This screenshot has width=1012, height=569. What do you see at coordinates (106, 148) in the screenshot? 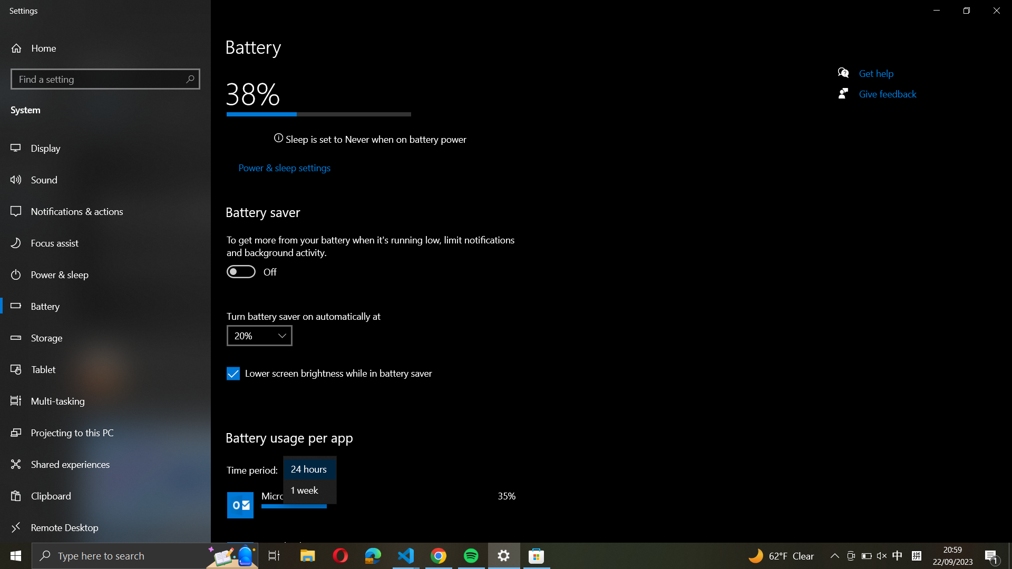
I see `the Display settings` at bounding box center [106, 148].